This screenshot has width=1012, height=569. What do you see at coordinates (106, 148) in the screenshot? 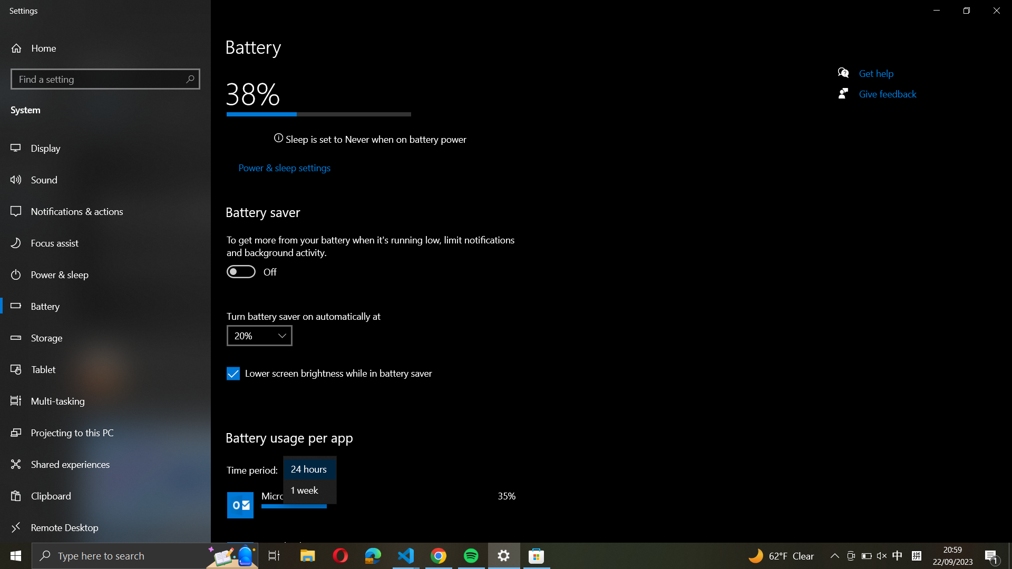
I see `the Display settings` at bounding box center [106, 148].